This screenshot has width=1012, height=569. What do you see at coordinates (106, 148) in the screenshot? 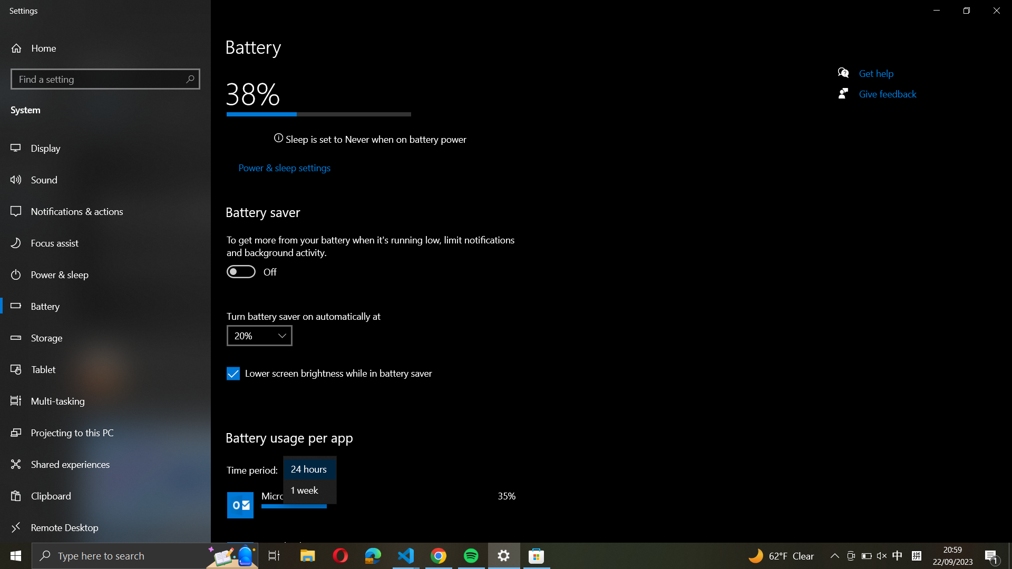
I see `the Display settings` at bounding box center [106, 148].